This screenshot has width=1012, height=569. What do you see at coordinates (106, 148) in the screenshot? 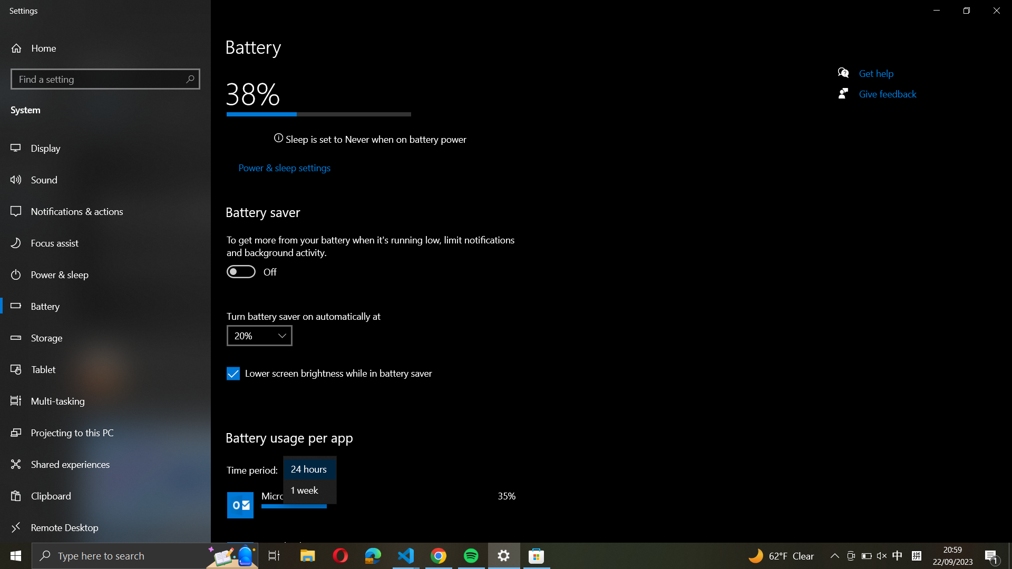
I see `the Display settings` at bounding box center [106, 148].